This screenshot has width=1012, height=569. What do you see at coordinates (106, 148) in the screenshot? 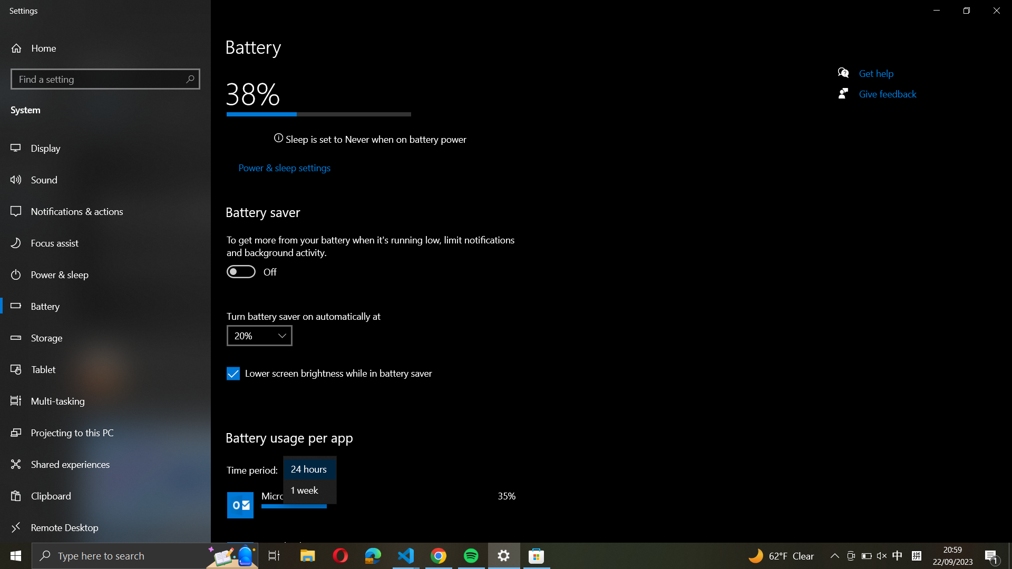
I see `the Display settings` at bounding box center [106, 148].